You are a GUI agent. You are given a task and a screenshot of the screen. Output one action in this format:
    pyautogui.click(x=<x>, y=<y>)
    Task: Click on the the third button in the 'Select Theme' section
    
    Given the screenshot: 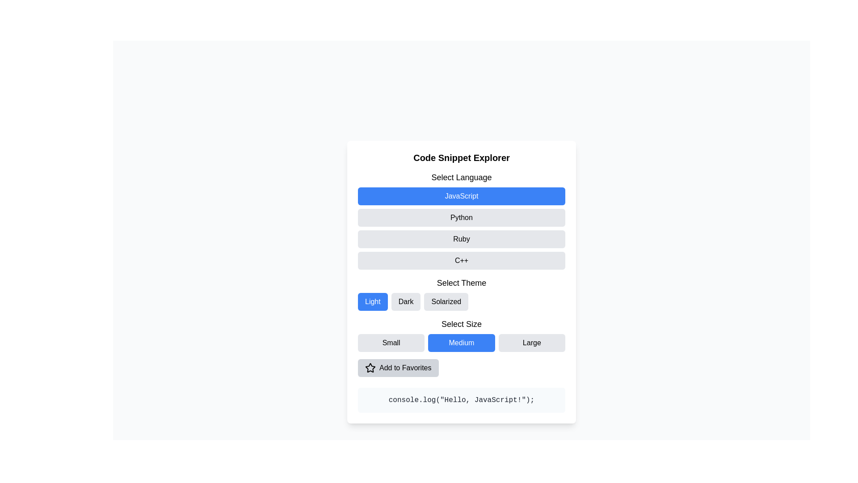 What is the action you would take?
    pyautogui.click(x=446, y=302)
    